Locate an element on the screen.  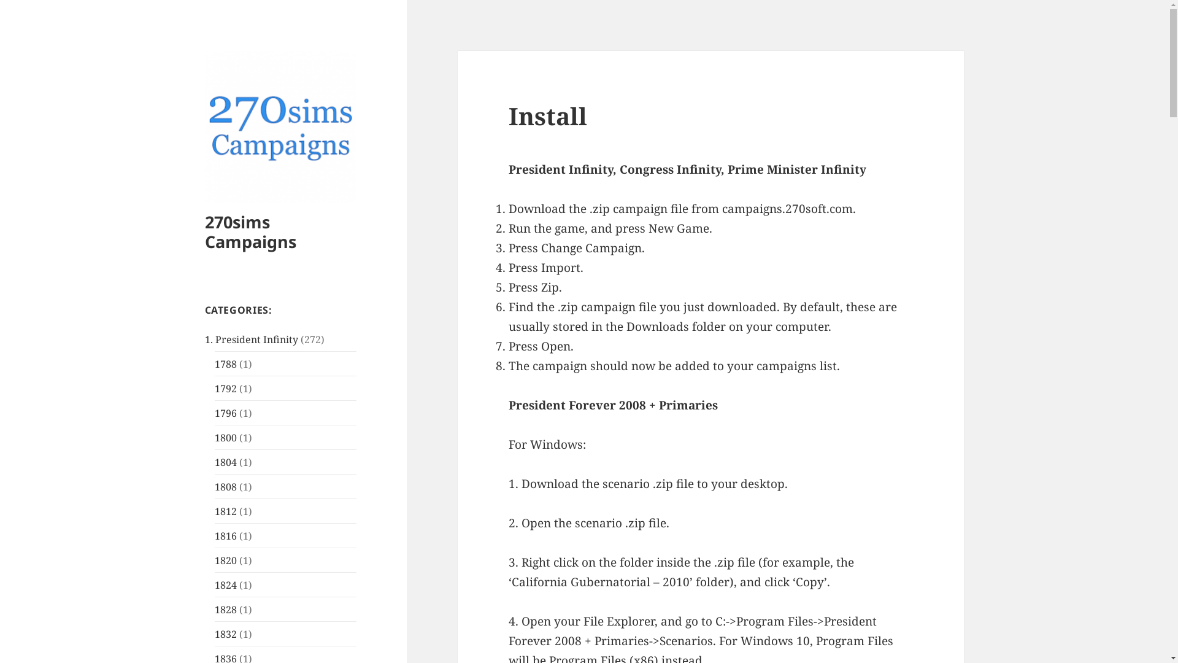
'1808' is located at coordinates (215, 486).